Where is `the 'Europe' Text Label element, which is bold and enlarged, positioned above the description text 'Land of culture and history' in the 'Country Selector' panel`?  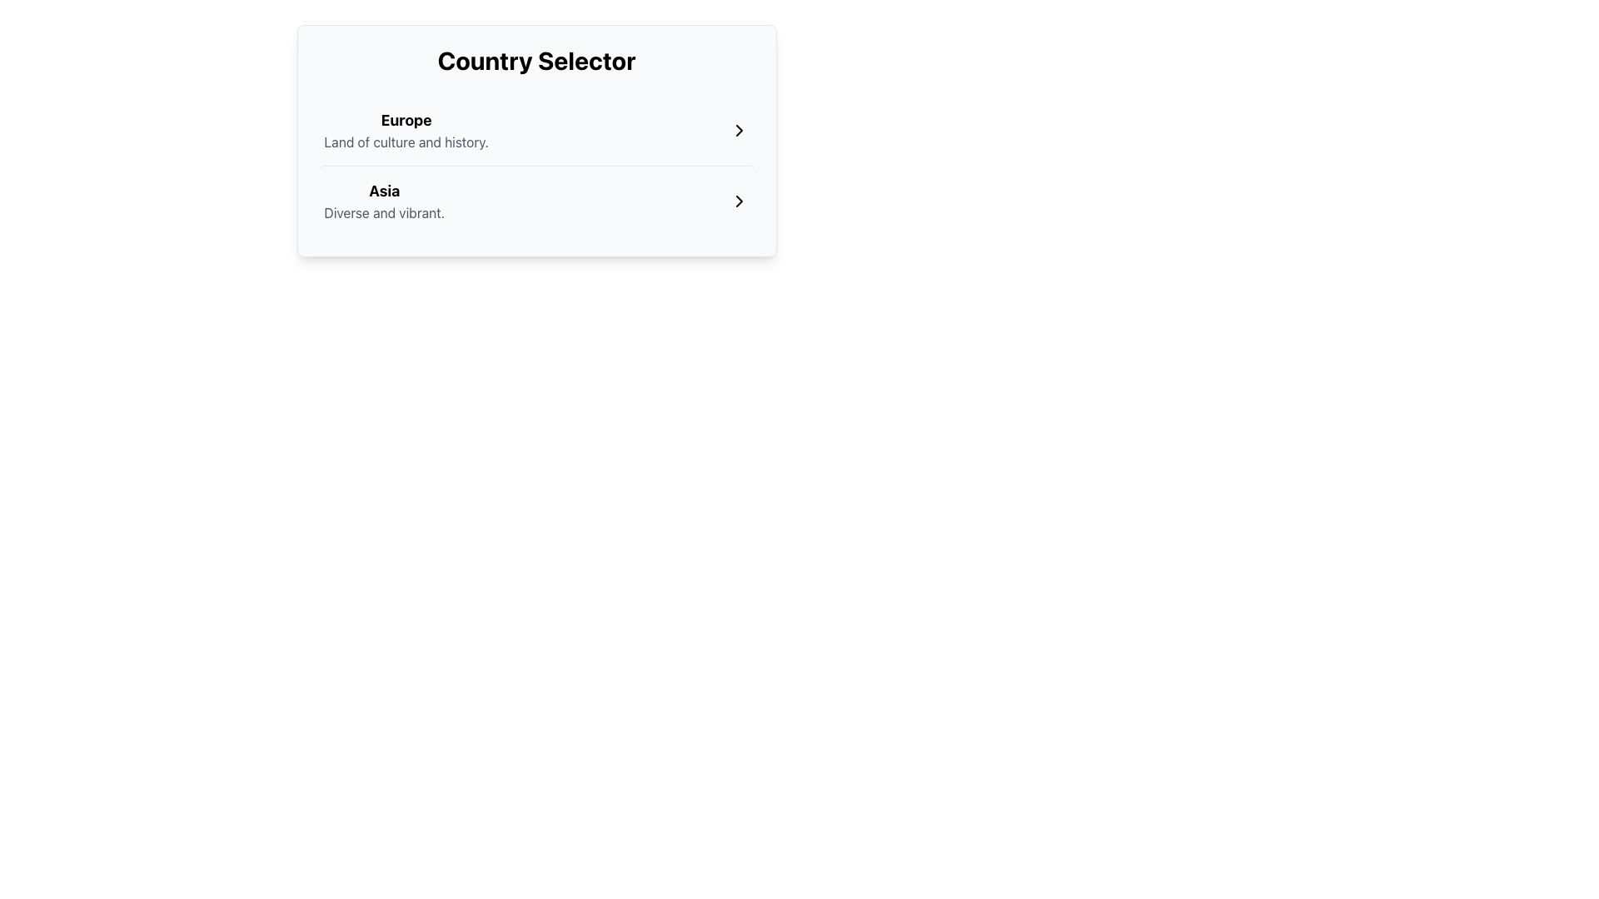
the 'Europe' Text Label element, which is bold and enlarged, positioned above the description text 'Land of culture and history' in the 'Country Selector' panel is located at coordinates (406, 120).